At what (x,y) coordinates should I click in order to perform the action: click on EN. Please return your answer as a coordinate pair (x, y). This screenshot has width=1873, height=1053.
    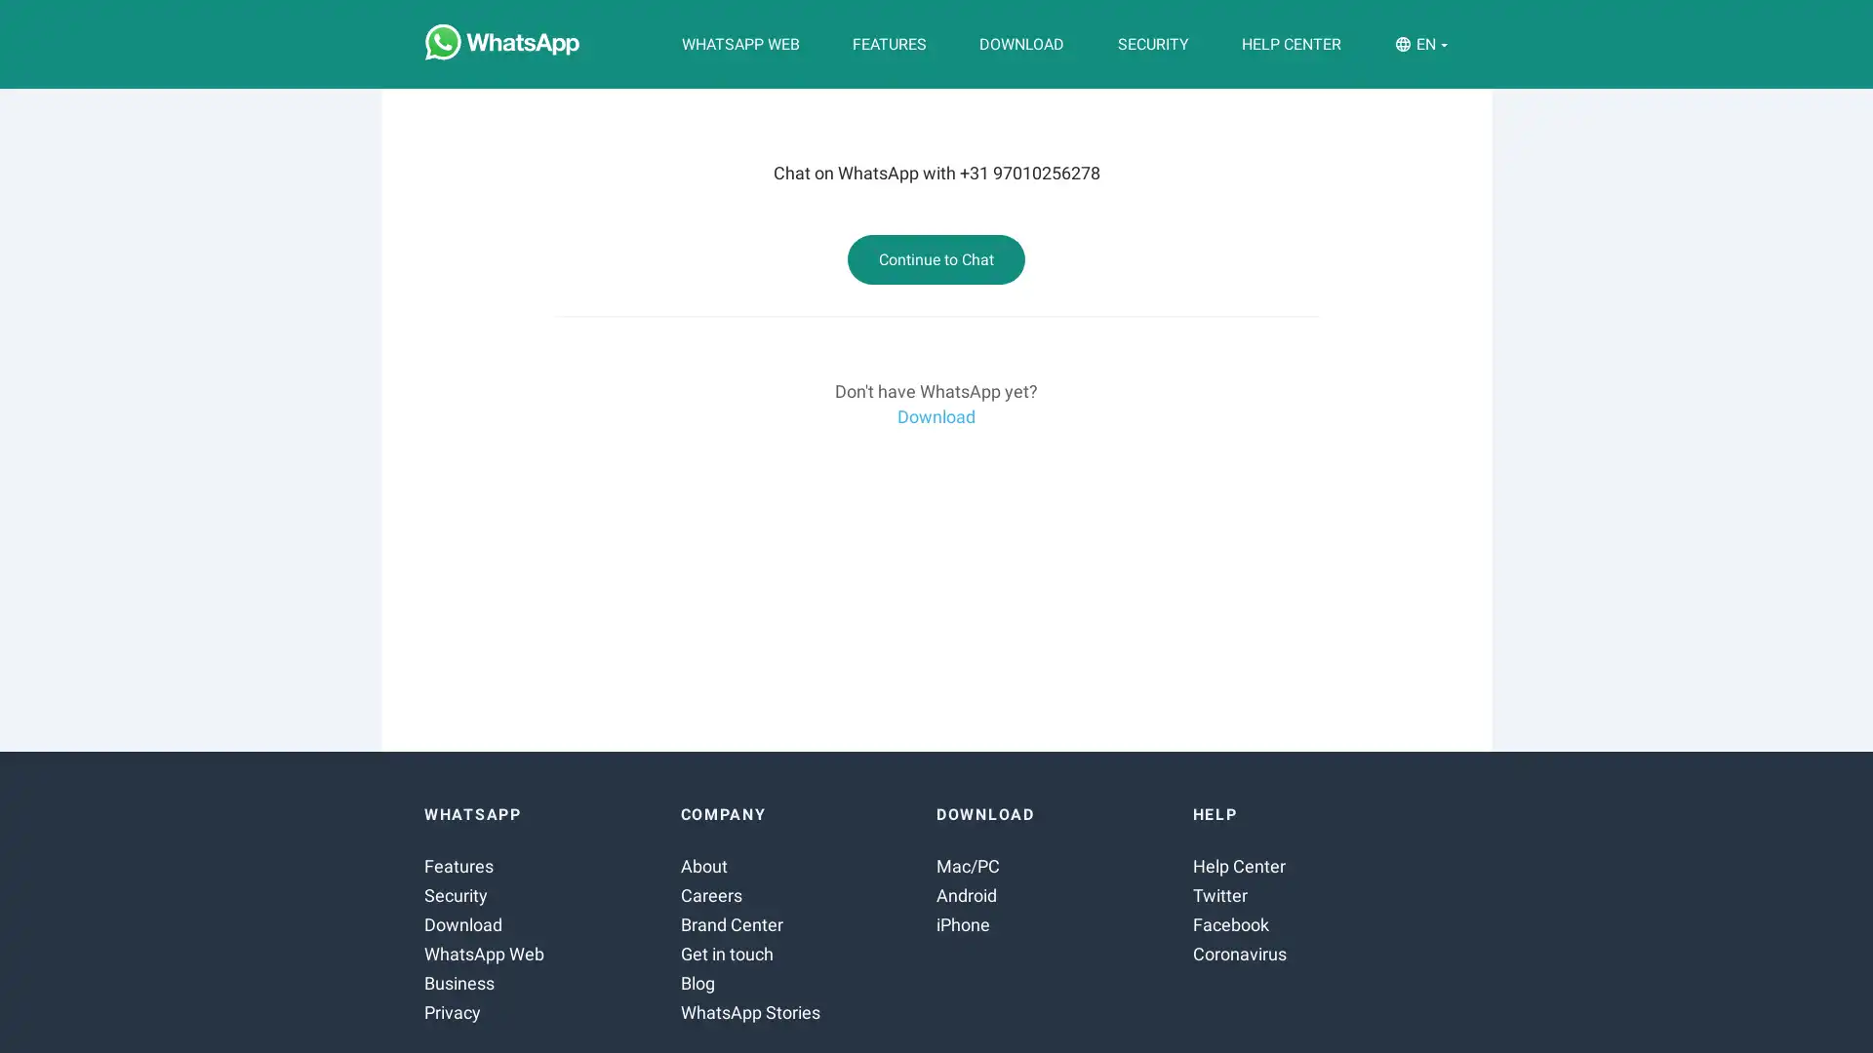
    Looking at the image, I should click on (1421, 44).